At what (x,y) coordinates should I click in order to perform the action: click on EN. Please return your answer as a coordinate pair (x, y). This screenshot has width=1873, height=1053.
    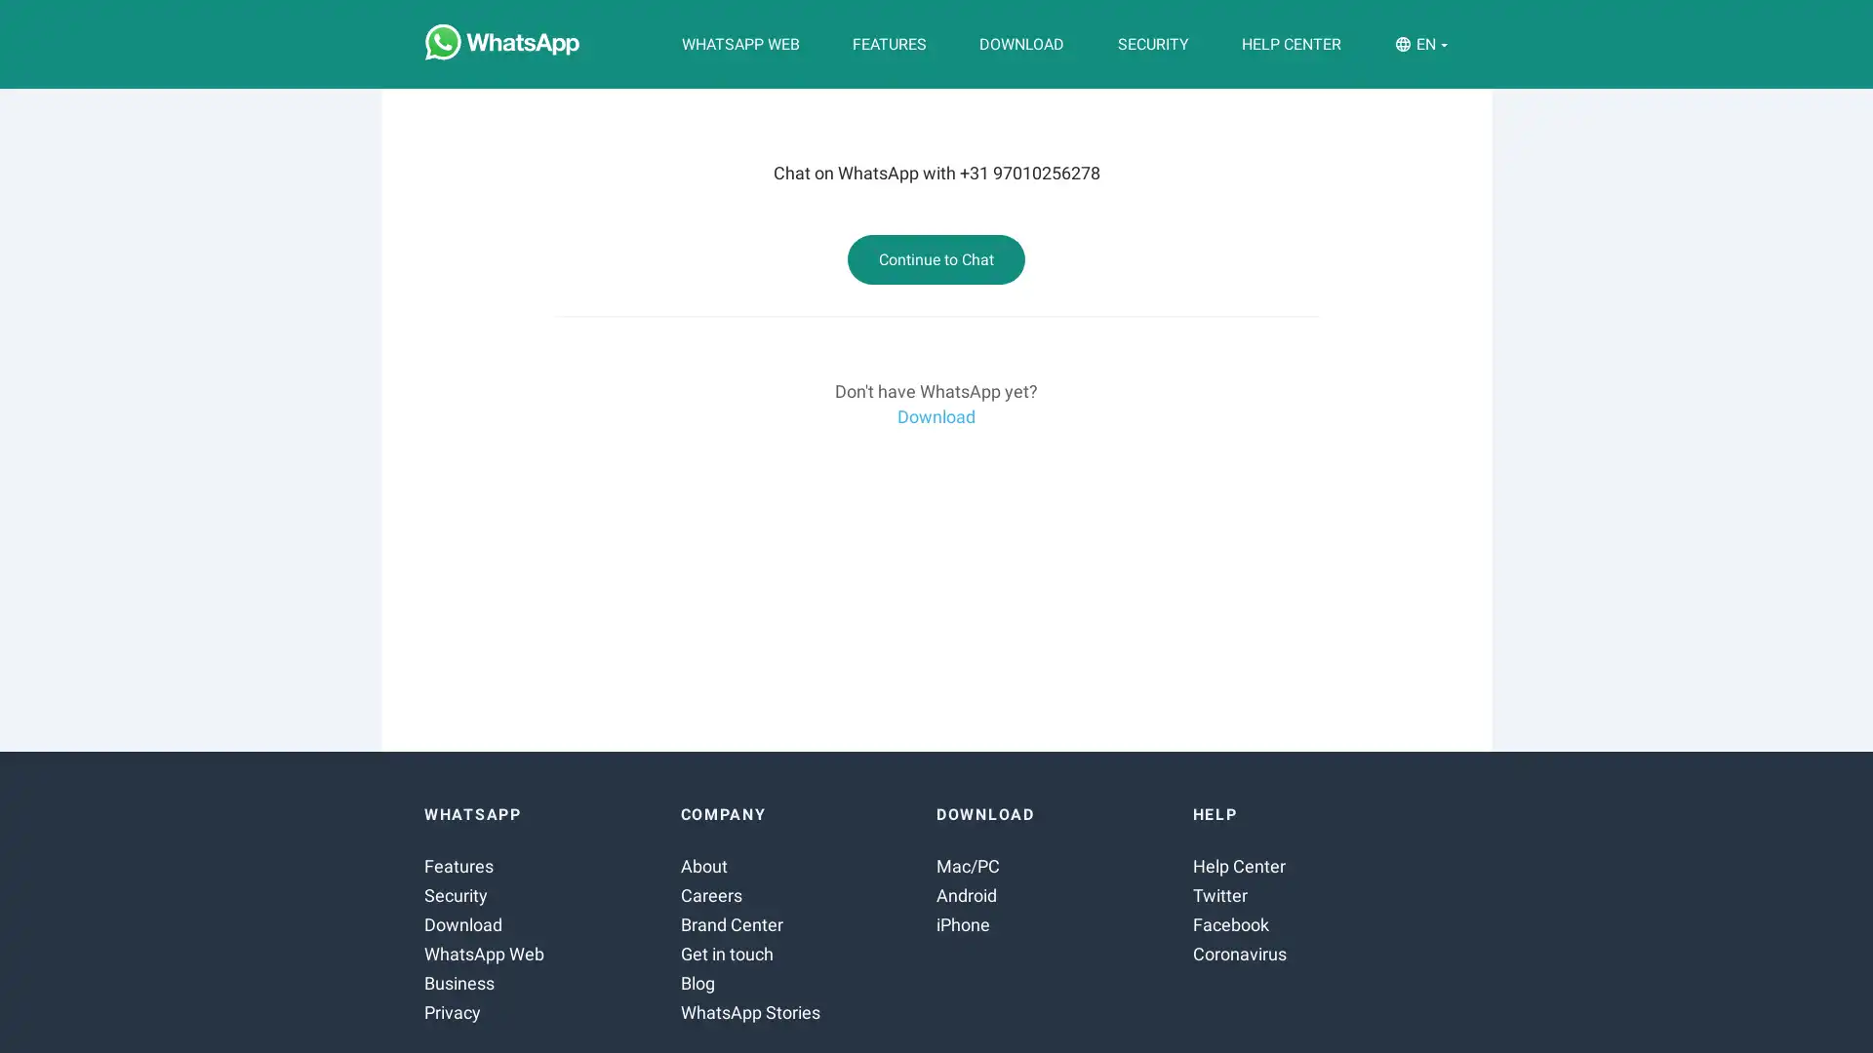
    Looking at the image, I should click on (1421, 44).